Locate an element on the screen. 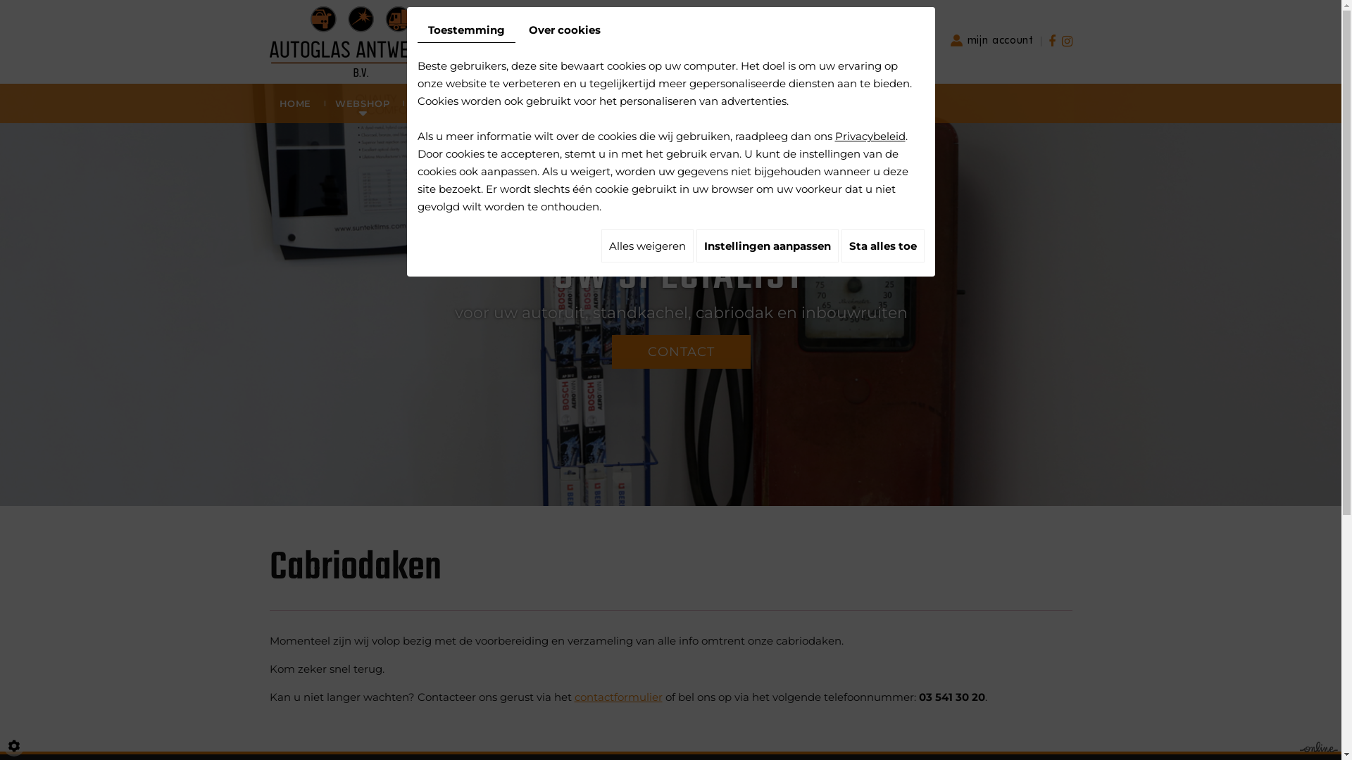  'mijn account' is located at coordinates (991, 39).